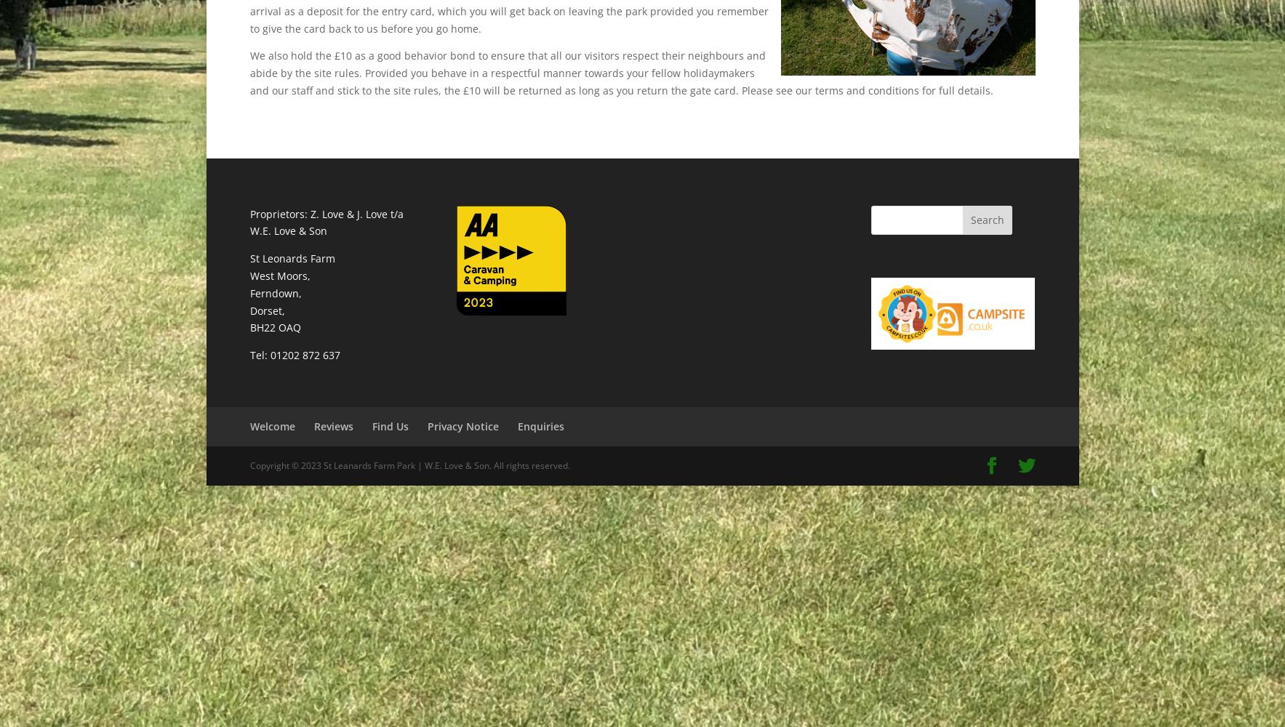 The height and width of the screenshot is (727, 1285). Describe the element at coordinates (279, 275) in the screenshot. I see `'West Moors,'` at that location.